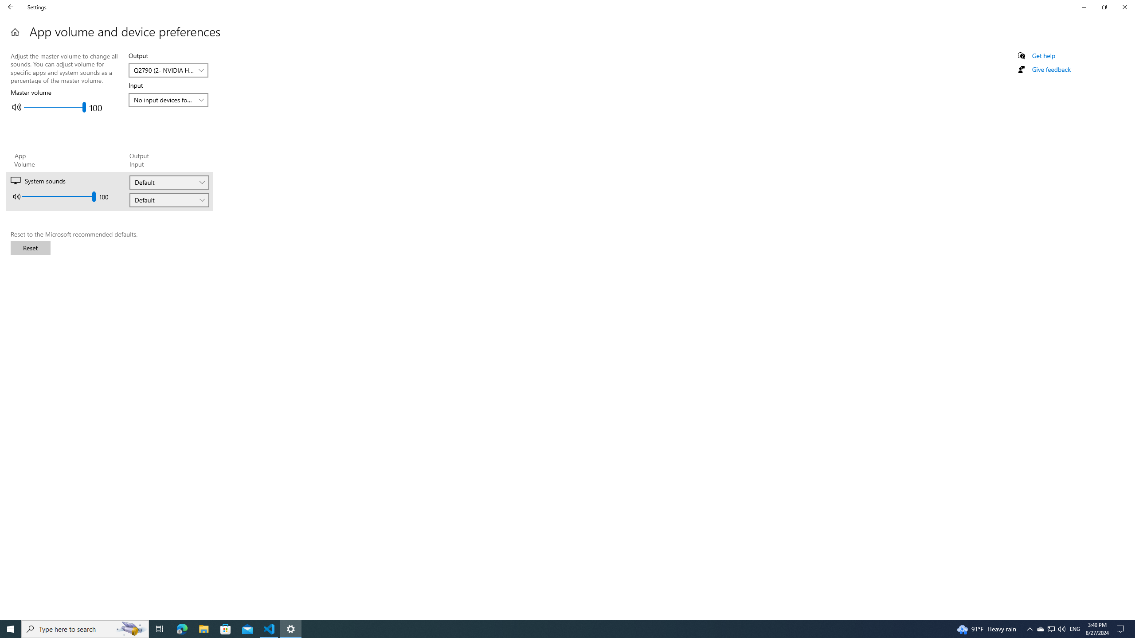 The width and height of the screenshot is (1135, 638). What do you see at coordinates (1043, 55) in the screenshot?
I see `'Get help'` at bounding box center [1043, 55].